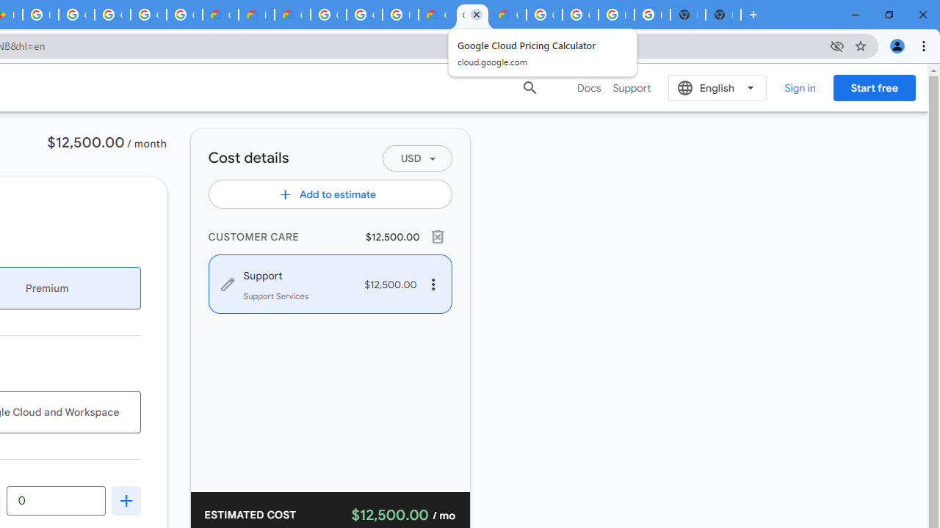  I want to click on 'Docs', so click(589, 87).